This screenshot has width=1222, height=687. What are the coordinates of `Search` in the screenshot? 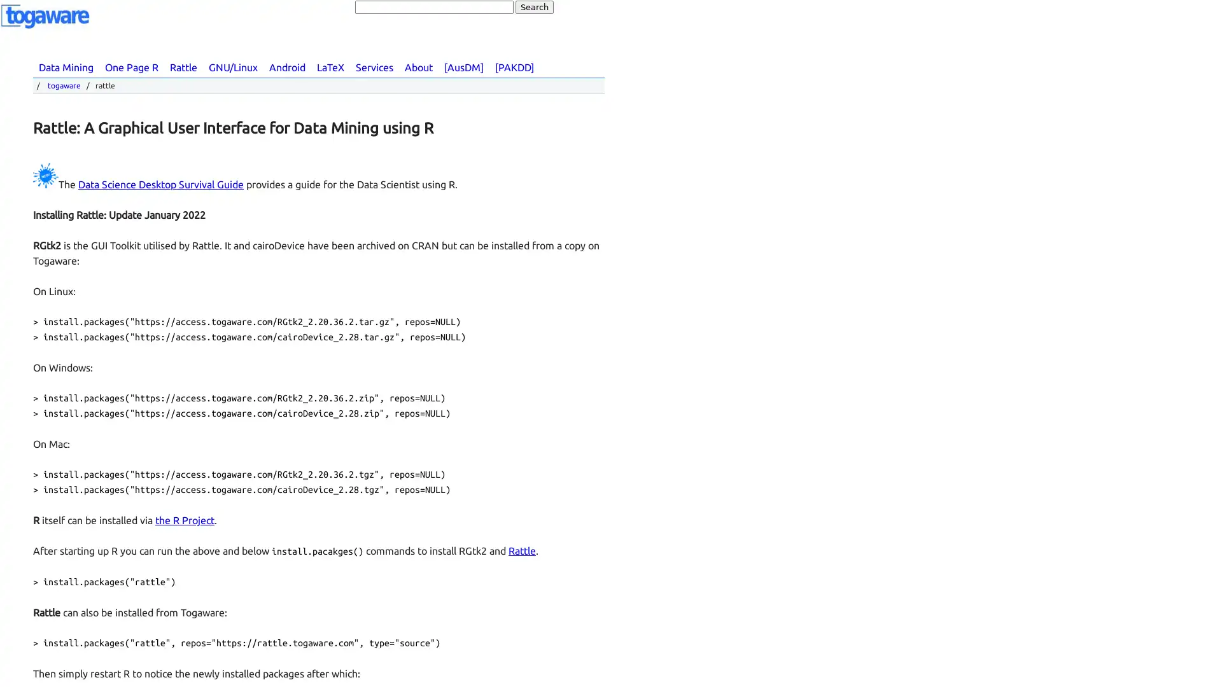 It's located at (535, 7).